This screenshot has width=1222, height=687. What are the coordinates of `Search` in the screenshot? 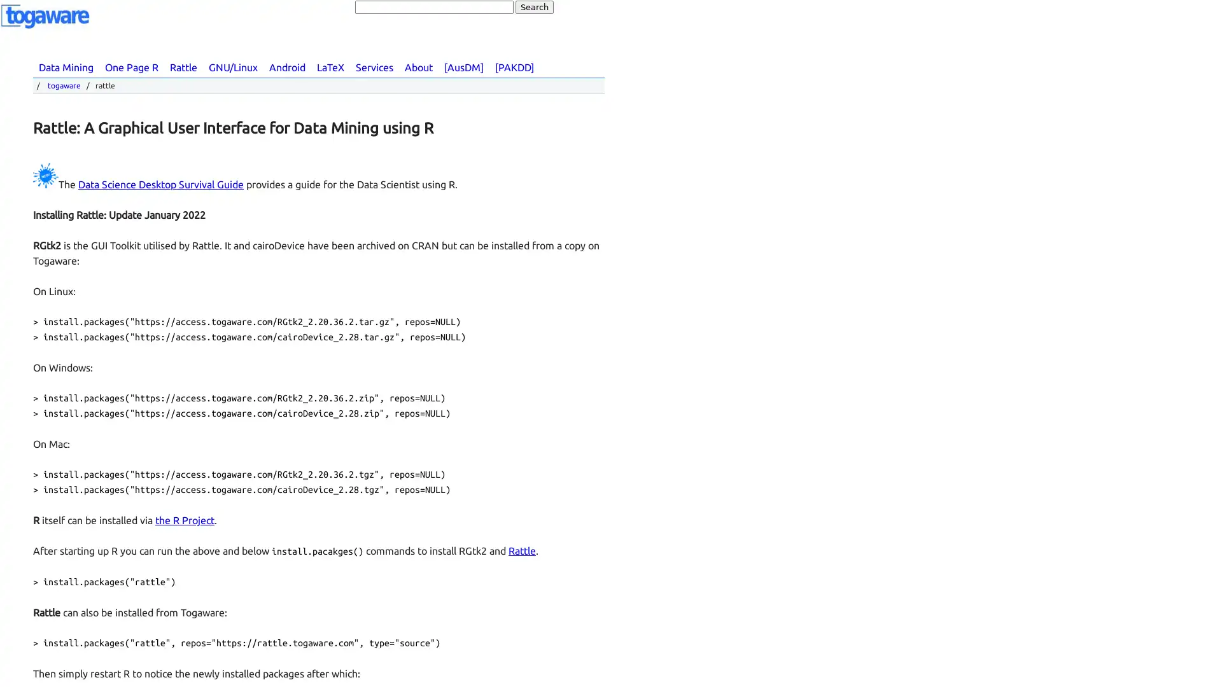 It's located at (535, 7).